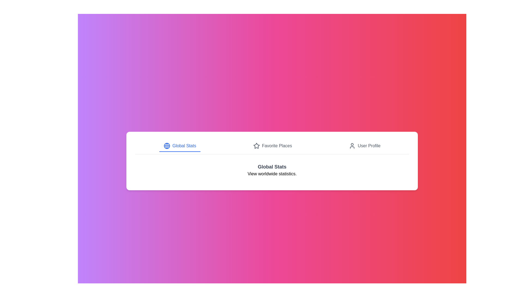 Image resolution: width=523 pixels, height=294 pixels. I want to click on the user icon, which is a minimalistic dark gray silhouette located in the top-right navigational section, preceding the 'User Profile' label, so click(352, 145).